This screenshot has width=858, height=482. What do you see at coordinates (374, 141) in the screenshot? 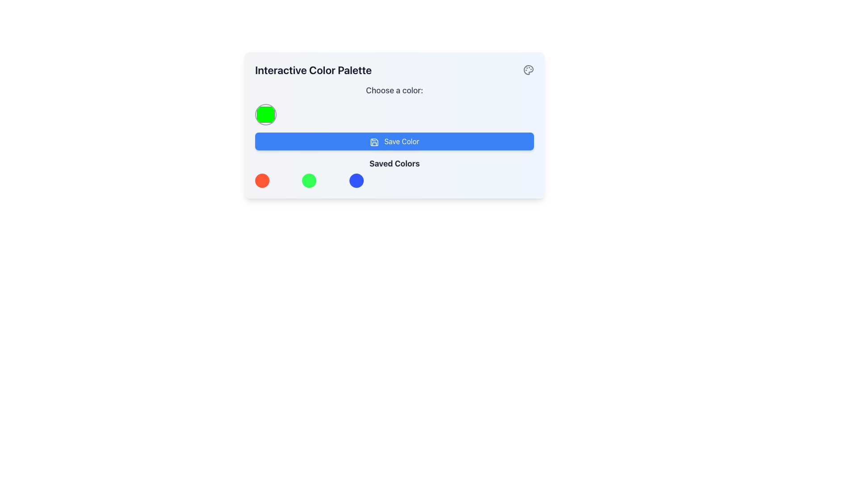
I see `the small document or floppy disk icon located on the left side of the 'Save Color' button` at bounding box center [374, 141].